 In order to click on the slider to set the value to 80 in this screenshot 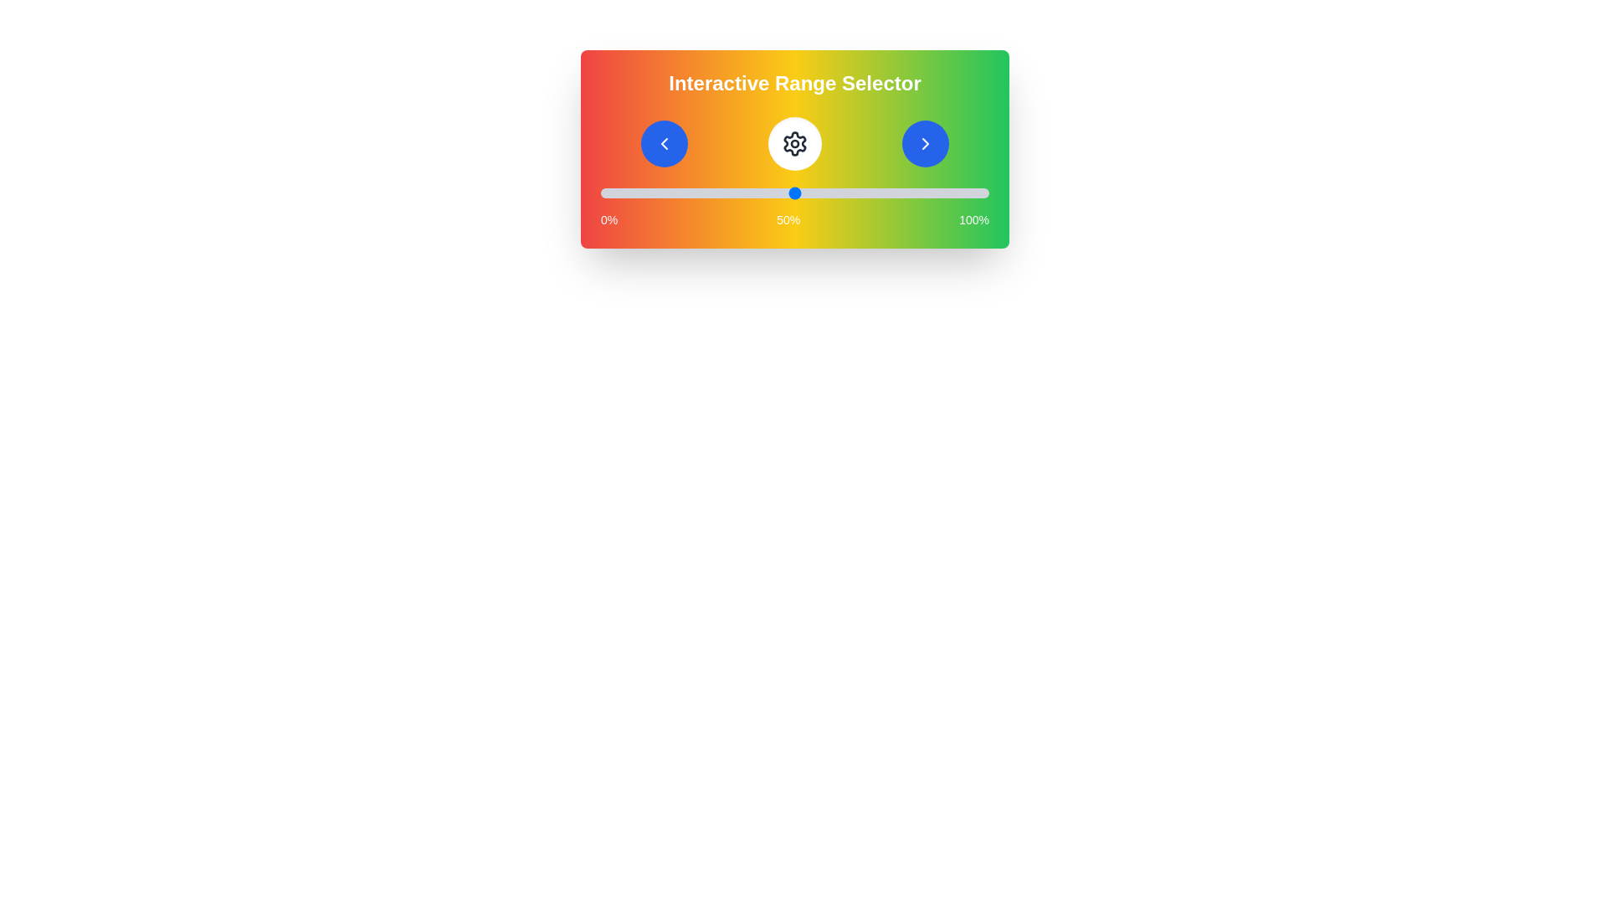, I will do `click(911, 193)`.